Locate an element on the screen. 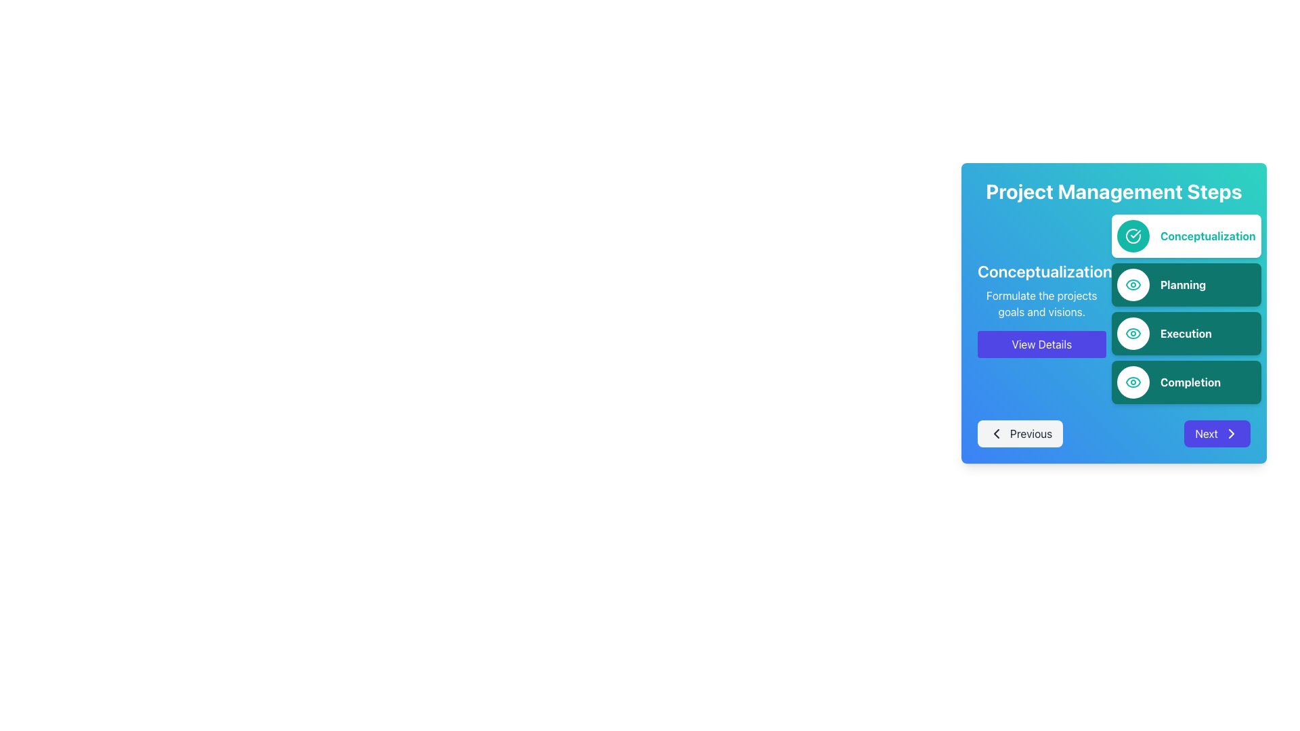  the circular informational icon with a teal eye symbol in the 'Project Management Steps' sidebar, positioned as the third element in the sequence is located at coordinates (1133, 334).